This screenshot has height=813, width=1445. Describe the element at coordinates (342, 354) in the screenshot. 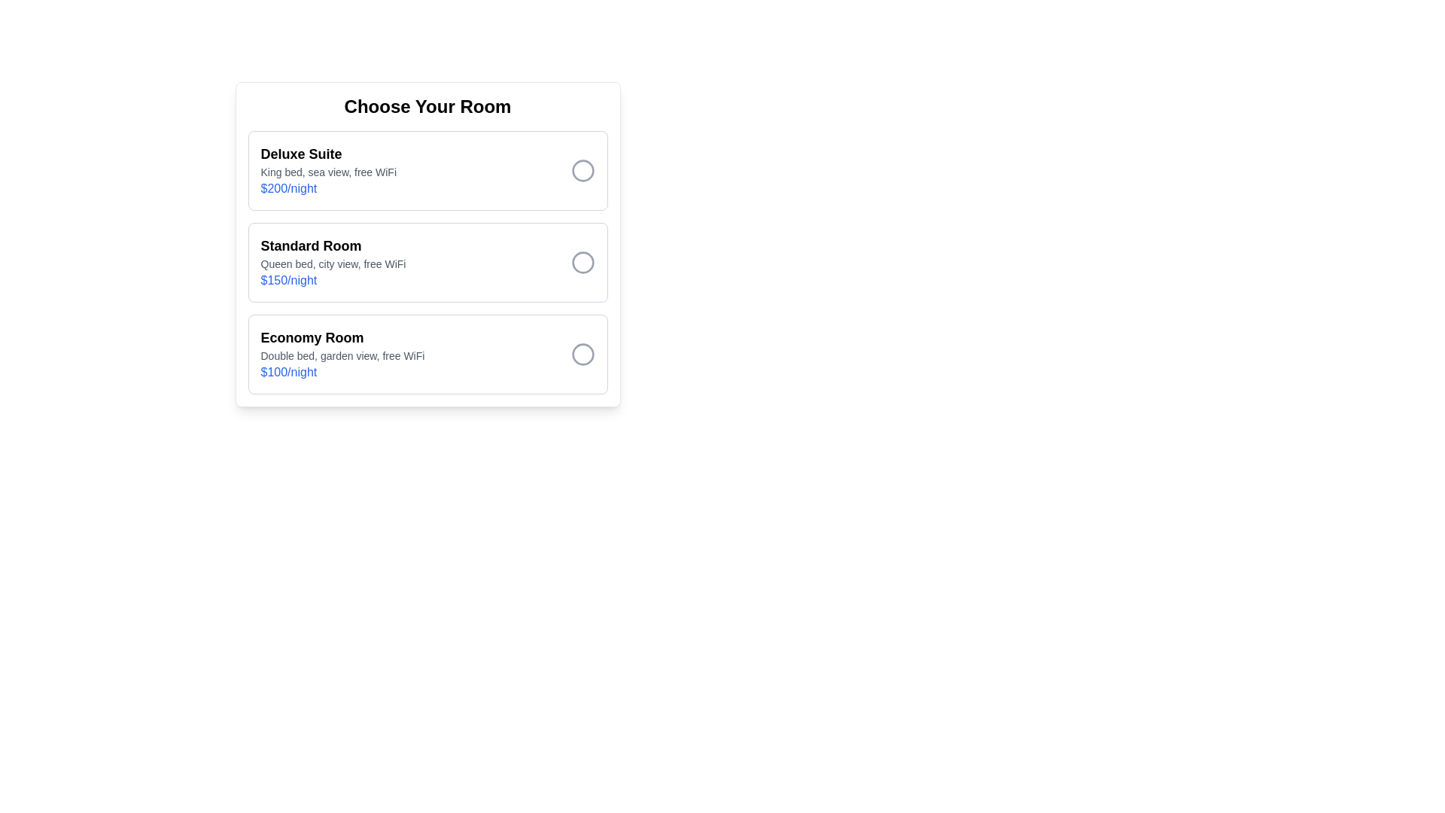

I see `the informational text block displaying 'Economy Room', which includes a heading, description, and price, positioned below the 'Standard Room' option in a vertically stacked list` at that location.